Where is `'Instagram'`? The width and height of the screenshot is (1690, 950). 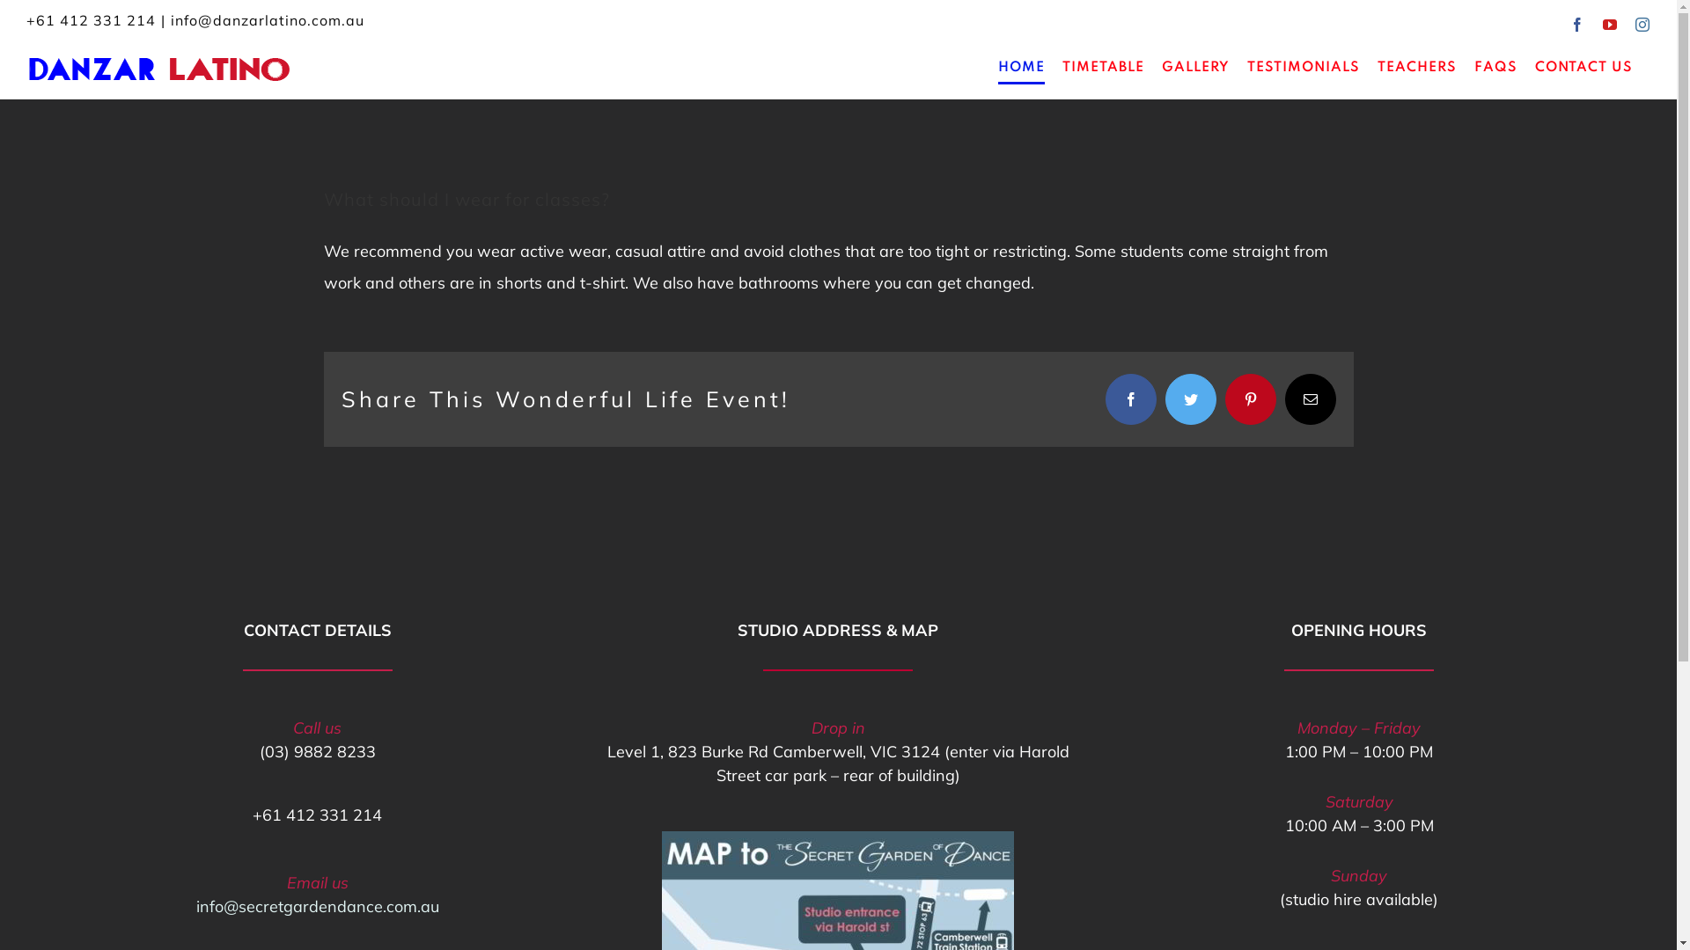 'Instagram' is located at coordinates (1642, 24).